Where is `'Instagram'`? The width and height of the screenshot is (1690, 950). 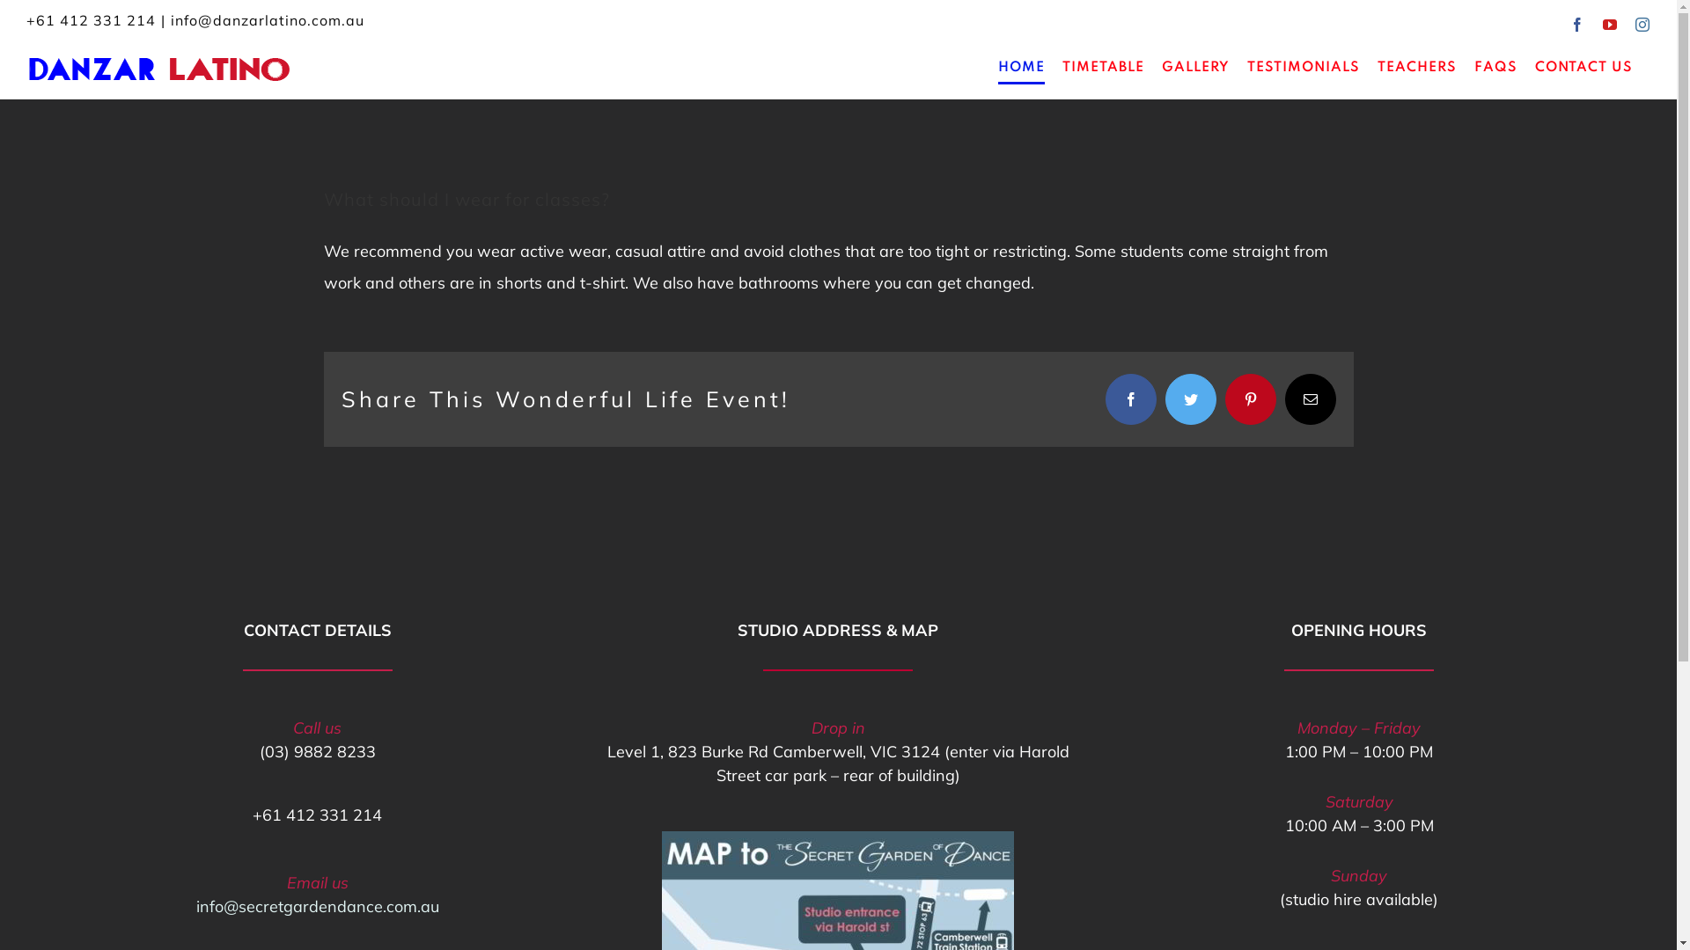 'Instagram' is located at coordinates (1642, 24).